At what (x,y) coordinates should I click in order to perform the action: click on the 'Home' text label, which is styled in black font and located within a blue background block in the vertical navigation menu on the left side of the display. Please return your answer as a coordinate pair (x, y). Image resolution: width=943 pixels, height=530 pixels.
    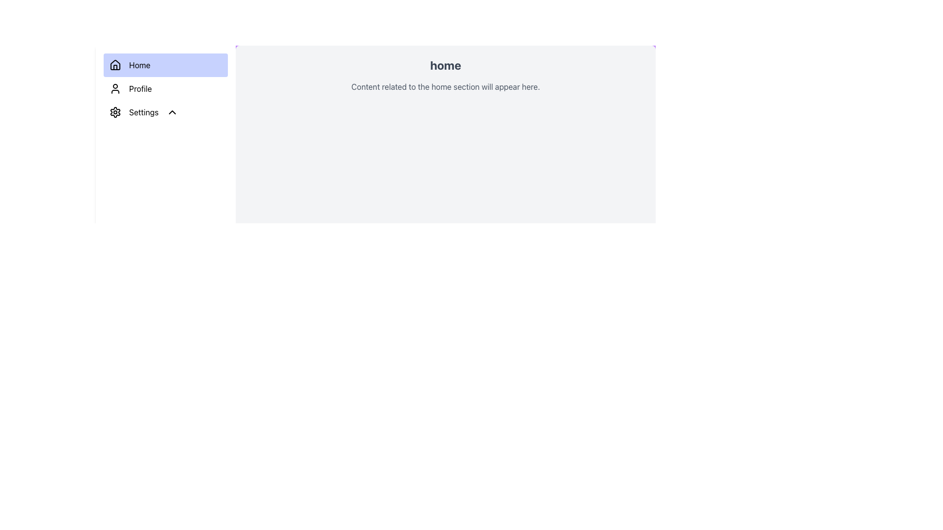
    Looking at the image, I should click on (139, 65).